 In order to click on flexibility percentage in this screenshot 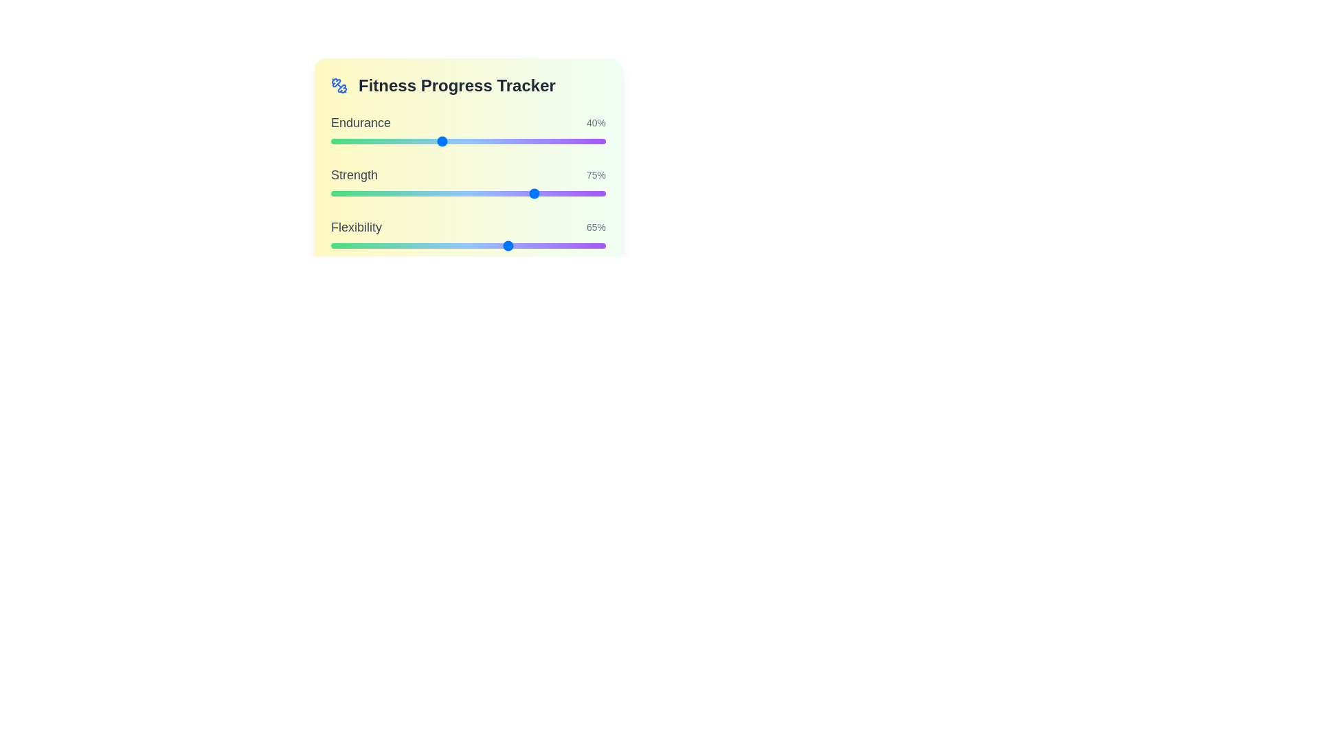, I will do `click(561, 245)`.